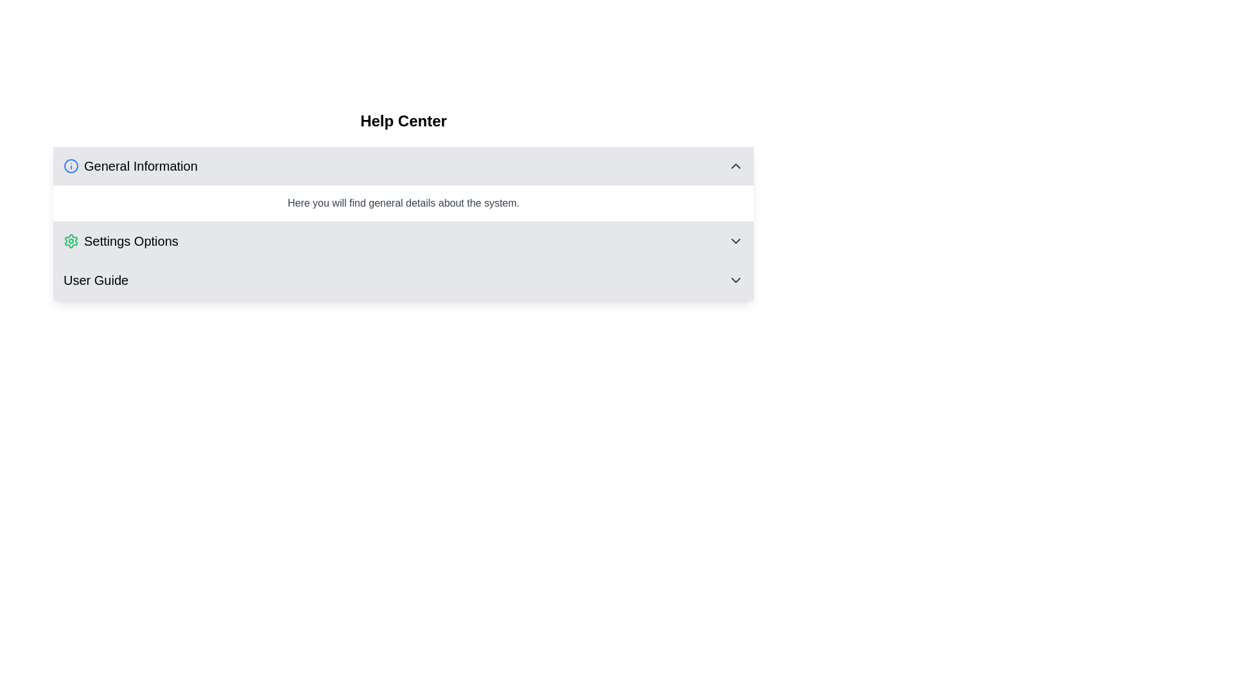  What do you see at coordinates (403, 165) in the screenshot?
I see `the 'General Information' Collapsible Section Header for keyboard navigation` at bounding box center [403, 165].